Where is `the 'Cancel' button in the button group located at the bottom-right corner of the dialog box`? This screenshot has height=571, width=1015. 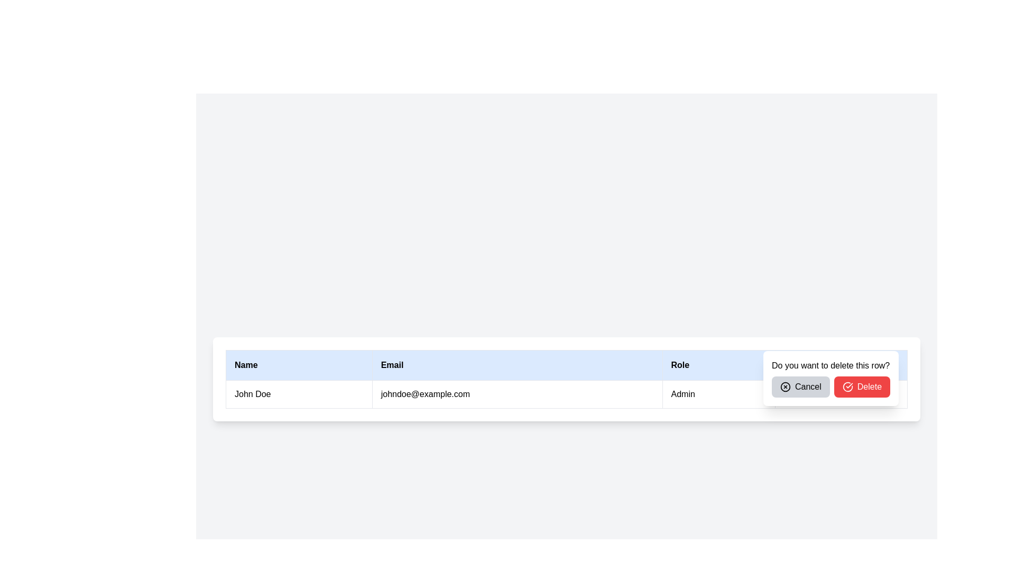 the 'Cancel' button in the button group located at the bottom-right corner of the dialog box is located at coordinates (830, 386).